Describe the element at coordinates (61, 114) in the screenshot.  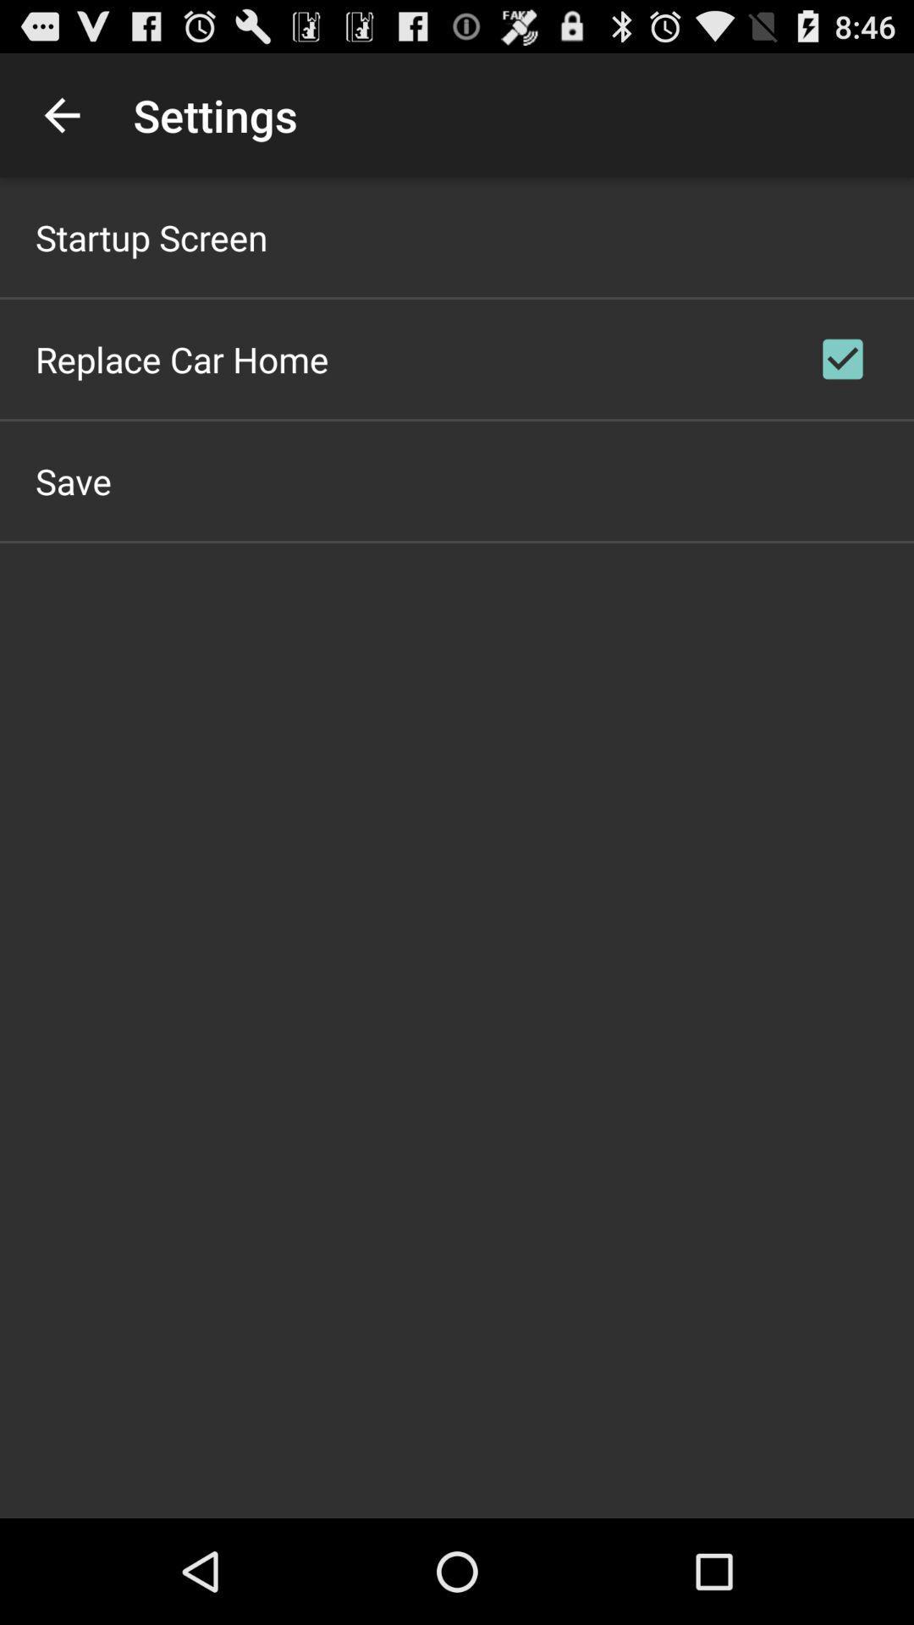
I see `icon to the left of settings app` at that location.